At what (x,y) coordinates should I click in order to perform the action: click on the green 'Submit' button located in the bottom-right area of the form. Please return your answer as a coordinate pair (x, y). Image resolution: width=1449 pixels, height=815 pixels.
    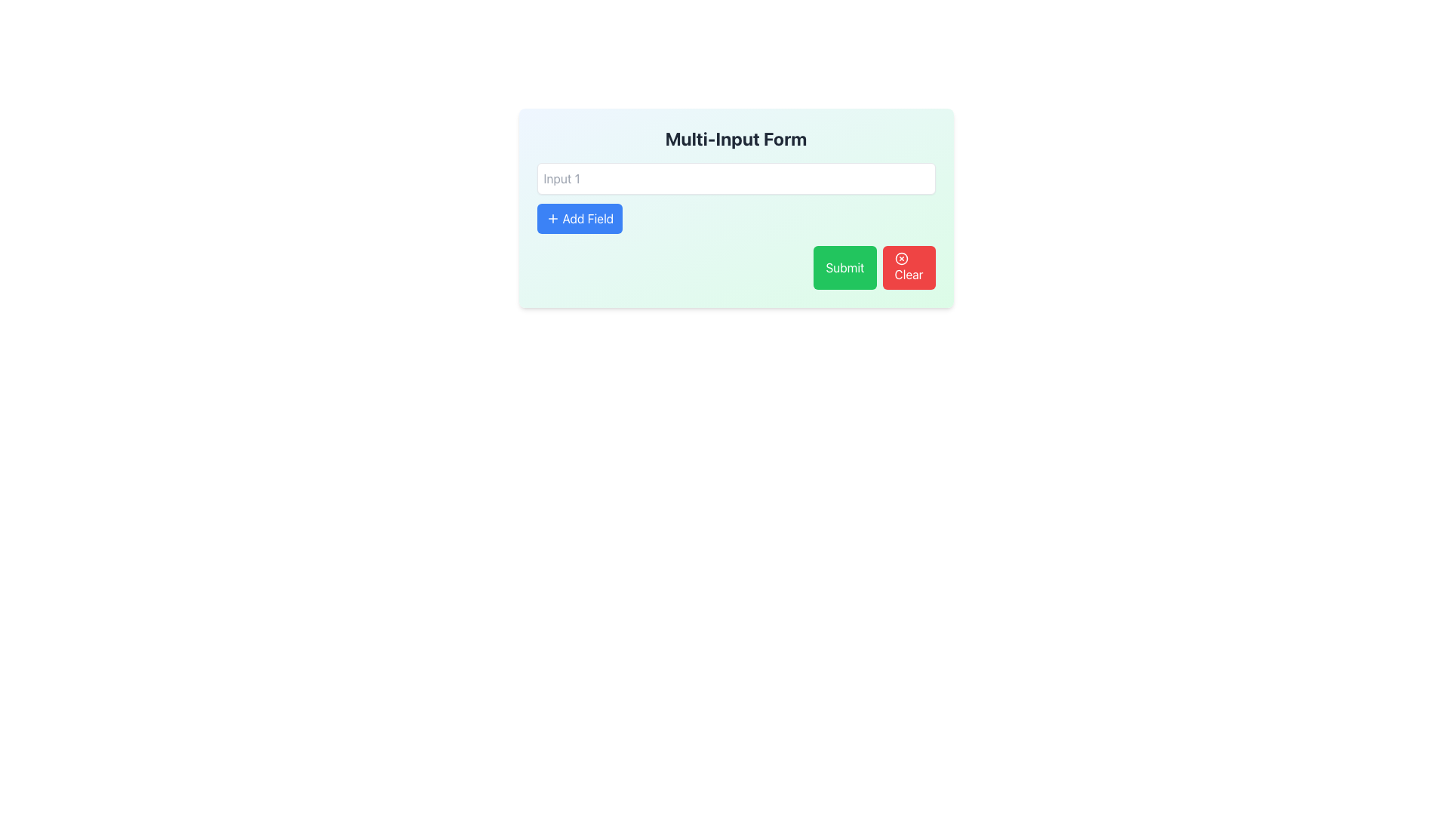
    Looking at the image, I should click on (844, 266).